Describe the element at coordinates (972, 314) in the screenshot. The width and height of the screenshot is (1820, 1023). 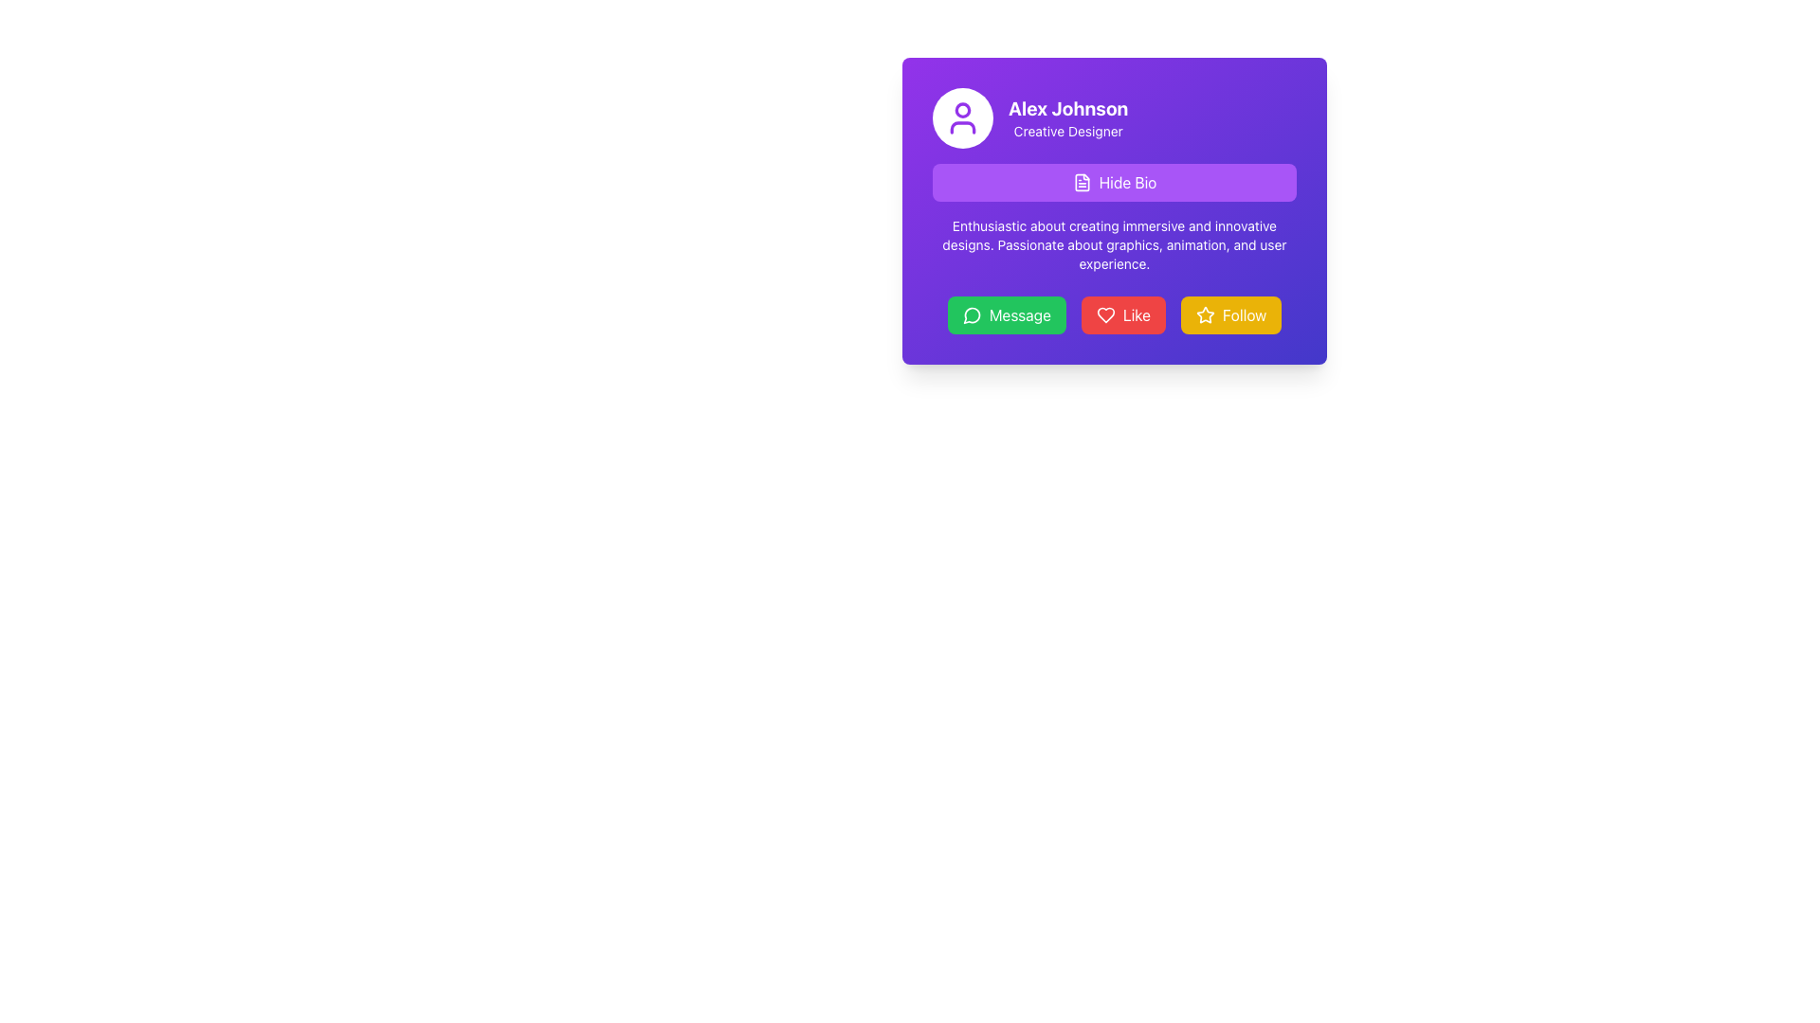
I see `the speech bubble icon within the green 'Message' button located on the left side of the action buttons at the bottom of the user profile interface` at that location.